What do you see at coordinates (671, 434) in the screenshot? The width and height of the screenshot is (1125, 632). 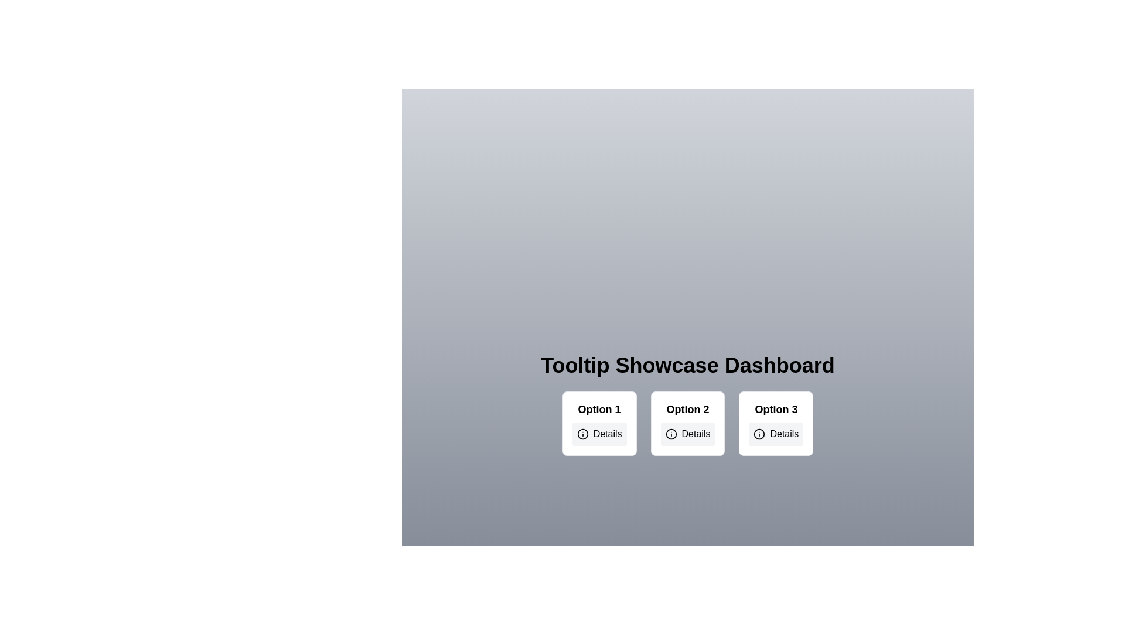 I see `the SVG circle icon located in the 'Option 2' card area, positioned above the 'Details' text, which serves as a visual indicator for additional information` at bounding box center [671, 434].